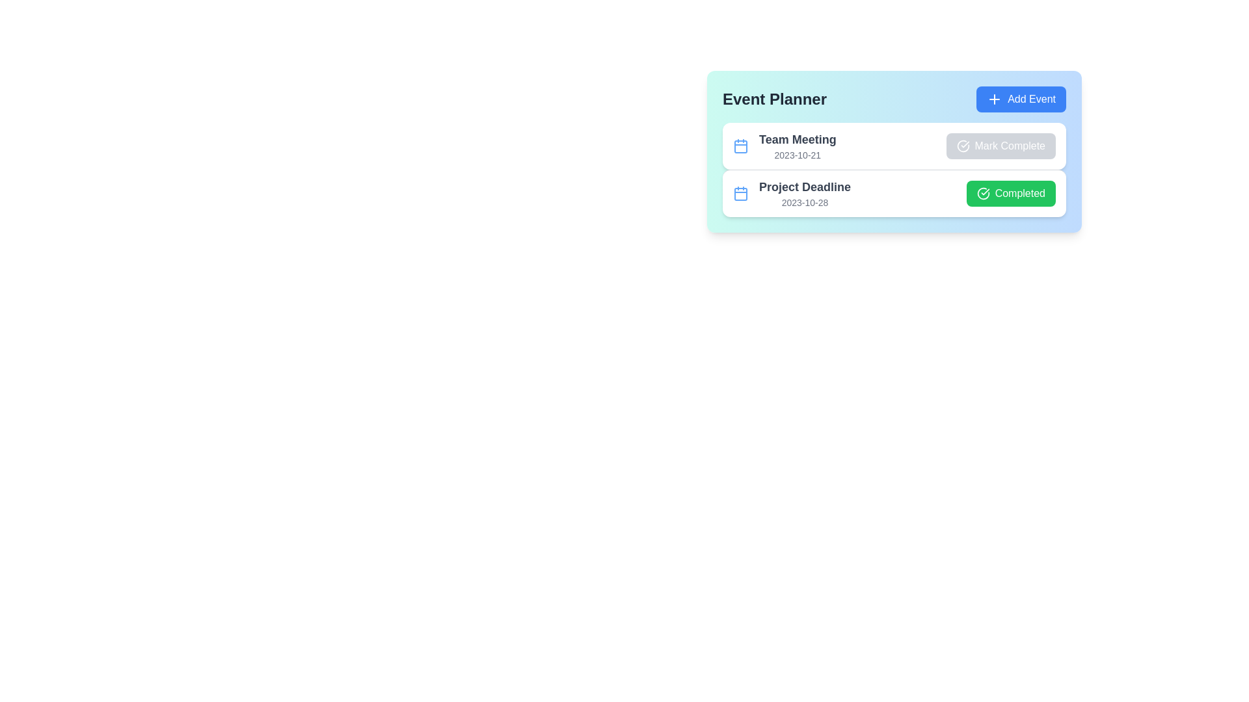 The height and width of the screenshot is (702, 1249). I want to click on the 'Add Event' button to initiate the process of adding a new event, so click(1020, 99).